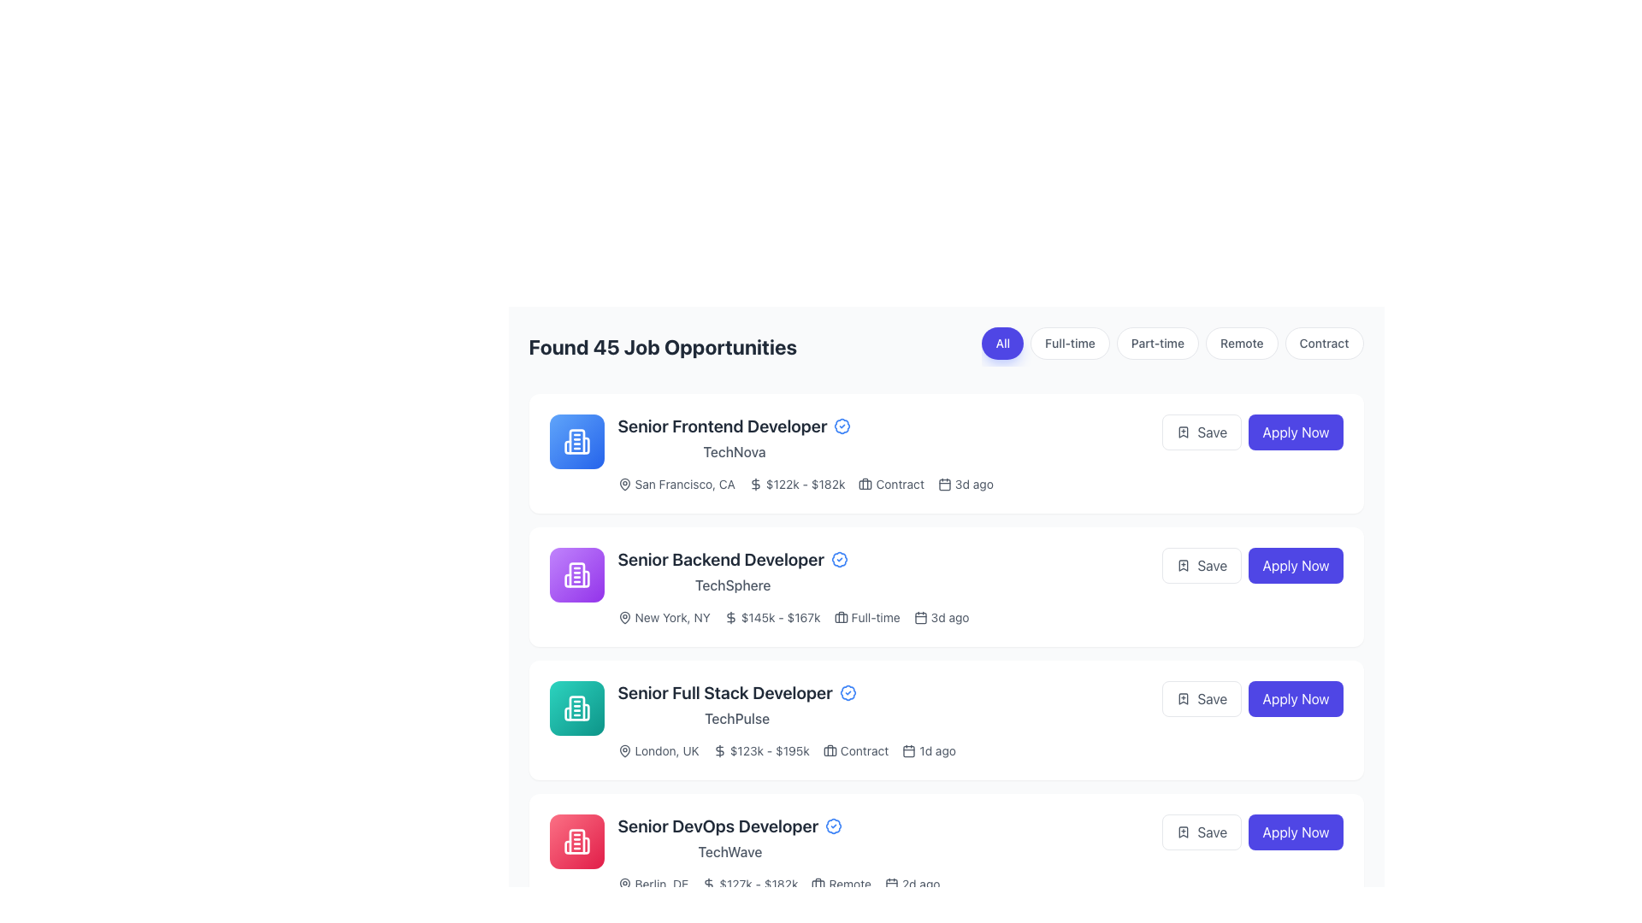  I want to click on the 'Save' button with a bookmark icon, so click(1201, 566).